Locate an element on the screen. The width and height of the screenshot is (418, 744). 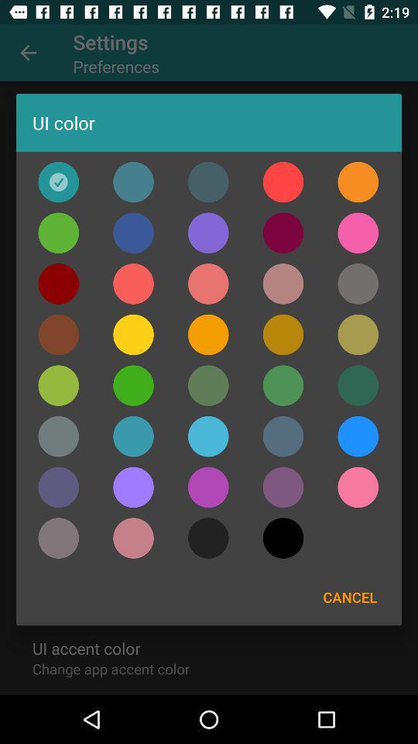
magenta ui color is located at coordinates (358, 232).